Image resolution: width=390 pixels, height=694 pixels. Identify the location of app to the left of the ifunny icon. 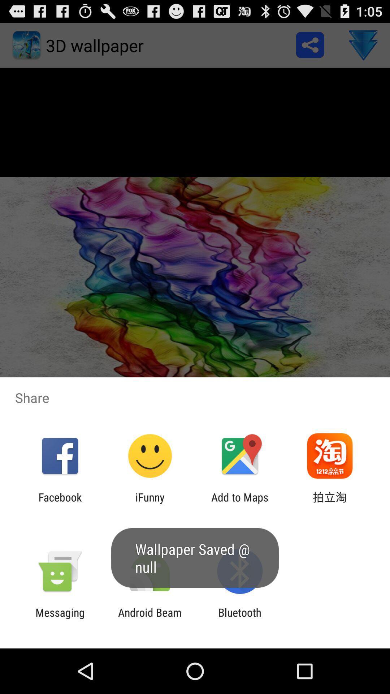
(60, 503).